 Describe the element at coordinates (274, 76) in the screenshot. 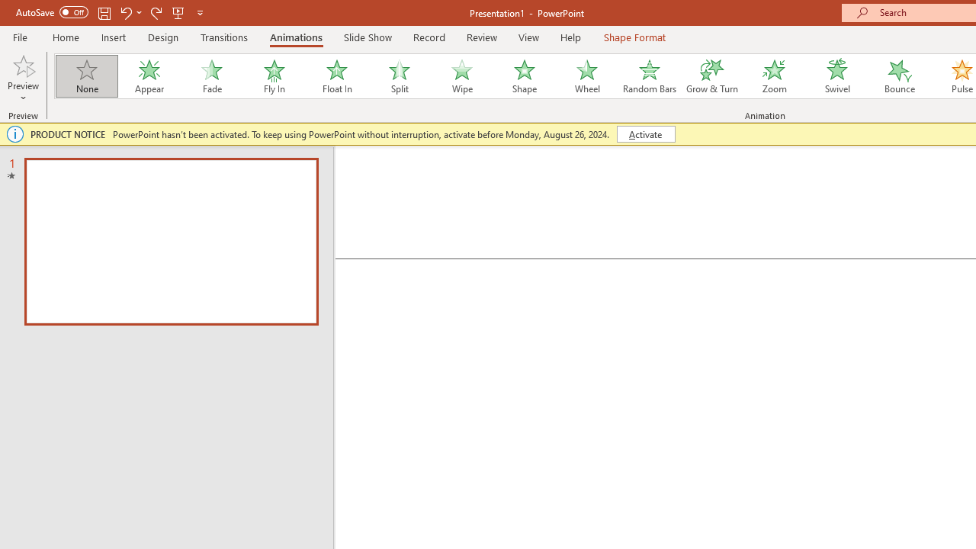

I see `'Fly In'` at that location.